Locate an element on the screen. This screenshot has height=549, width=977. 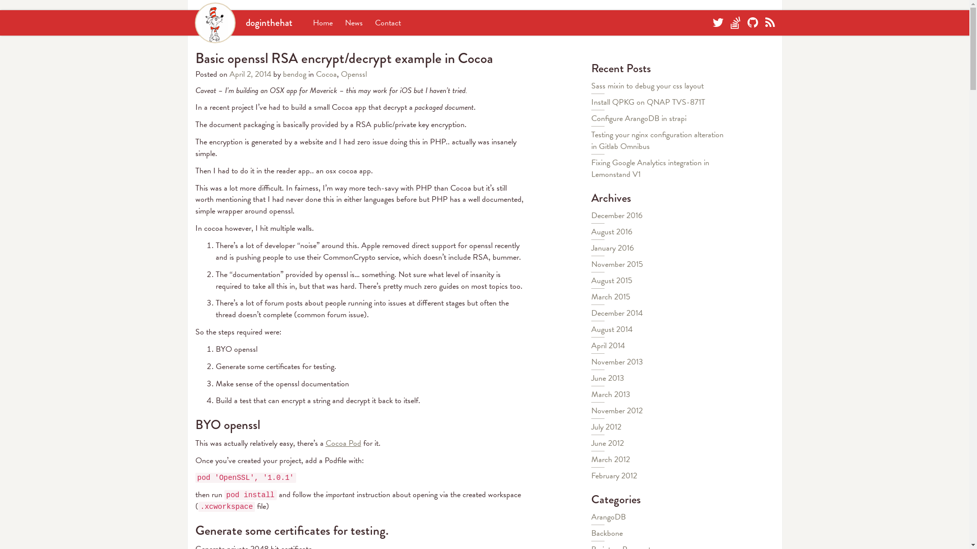
'Home' is located at coordinates (322, 23).